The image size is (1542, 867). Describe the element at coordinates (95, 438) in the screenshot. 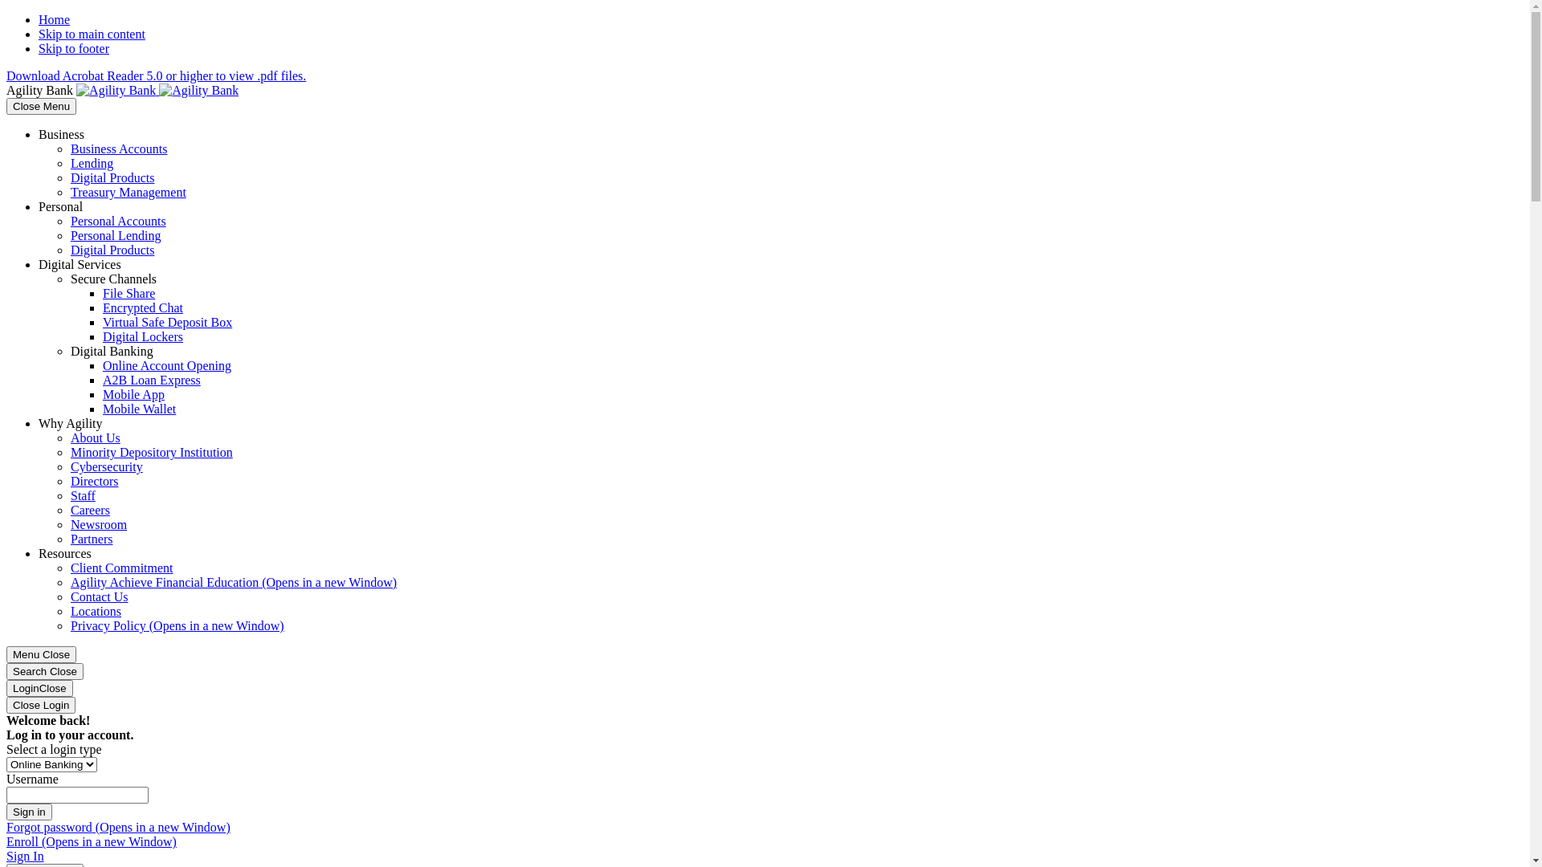

I see `'About Us'` at that location.